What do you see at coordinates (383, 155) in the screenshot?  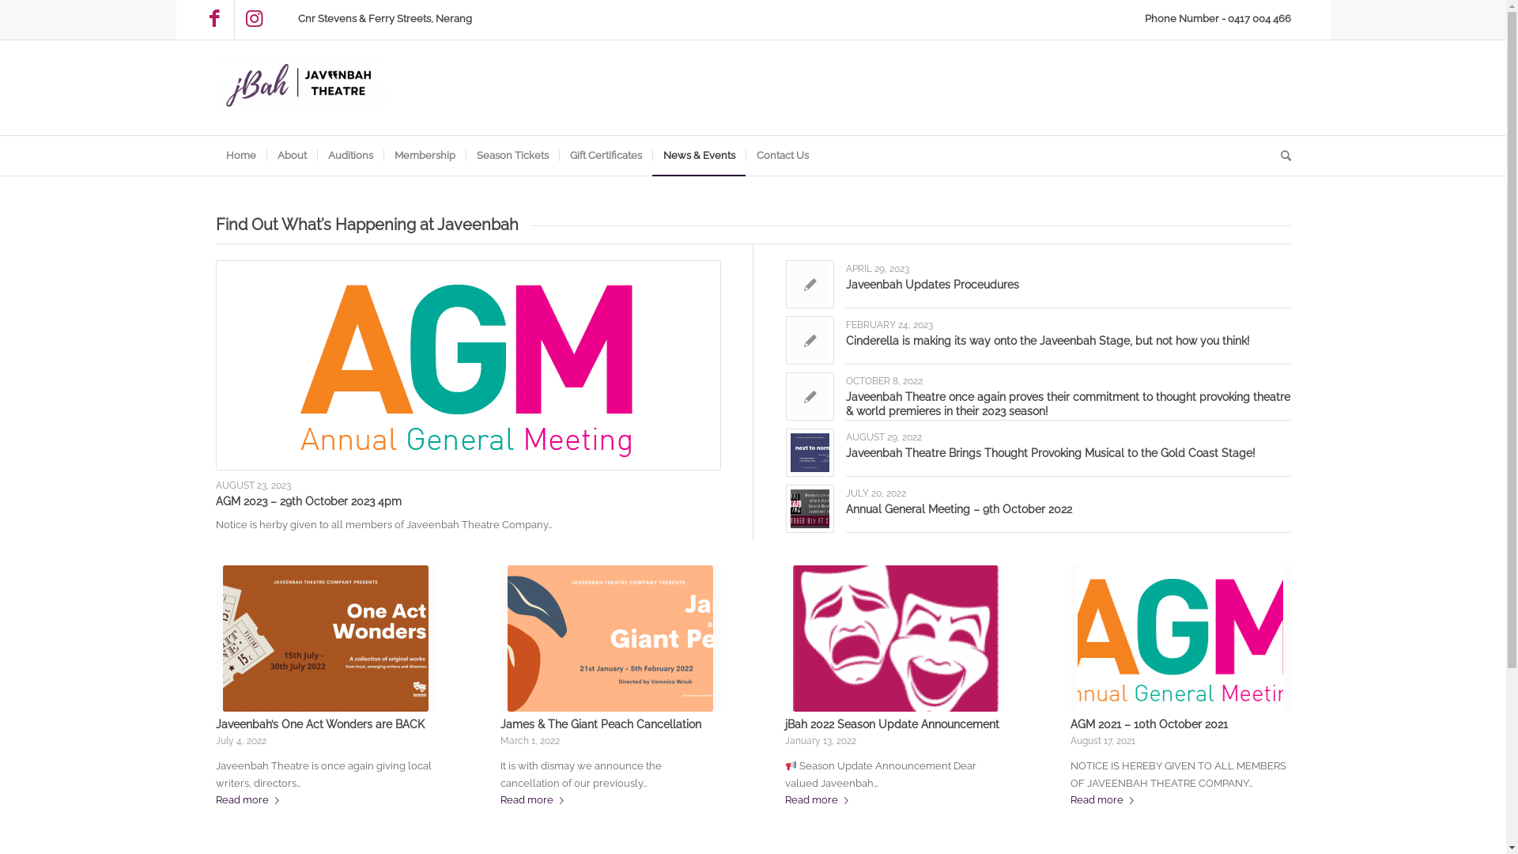 I see `'Membership'` at bounding box center [383, 155].